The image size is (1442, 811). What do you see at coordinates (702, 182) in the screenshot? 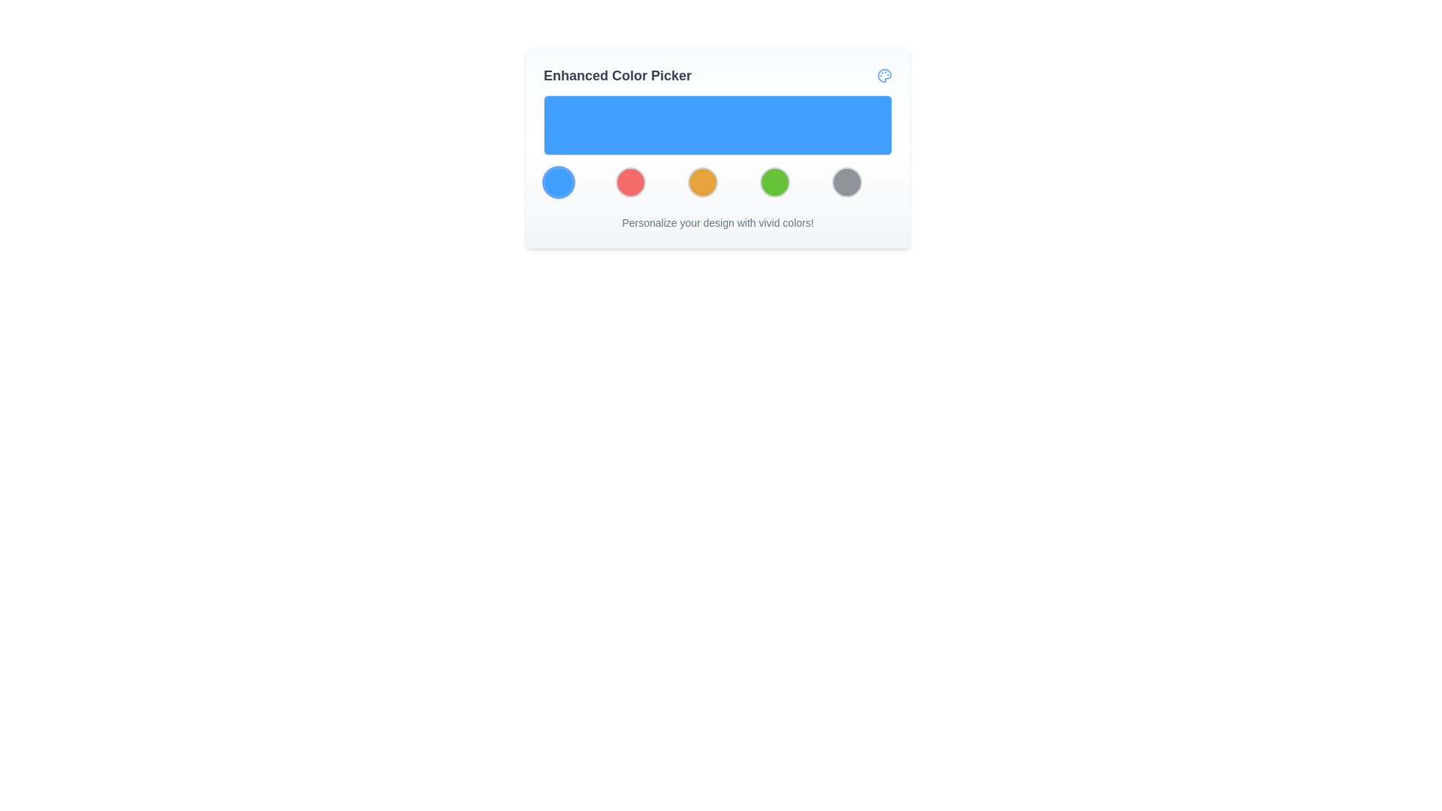
I see `the orange color selection button, which is the third circle in a horizontal row of five circles located beneath the 'Enhanced Color Picker' area` at bounding box center [702, 182].